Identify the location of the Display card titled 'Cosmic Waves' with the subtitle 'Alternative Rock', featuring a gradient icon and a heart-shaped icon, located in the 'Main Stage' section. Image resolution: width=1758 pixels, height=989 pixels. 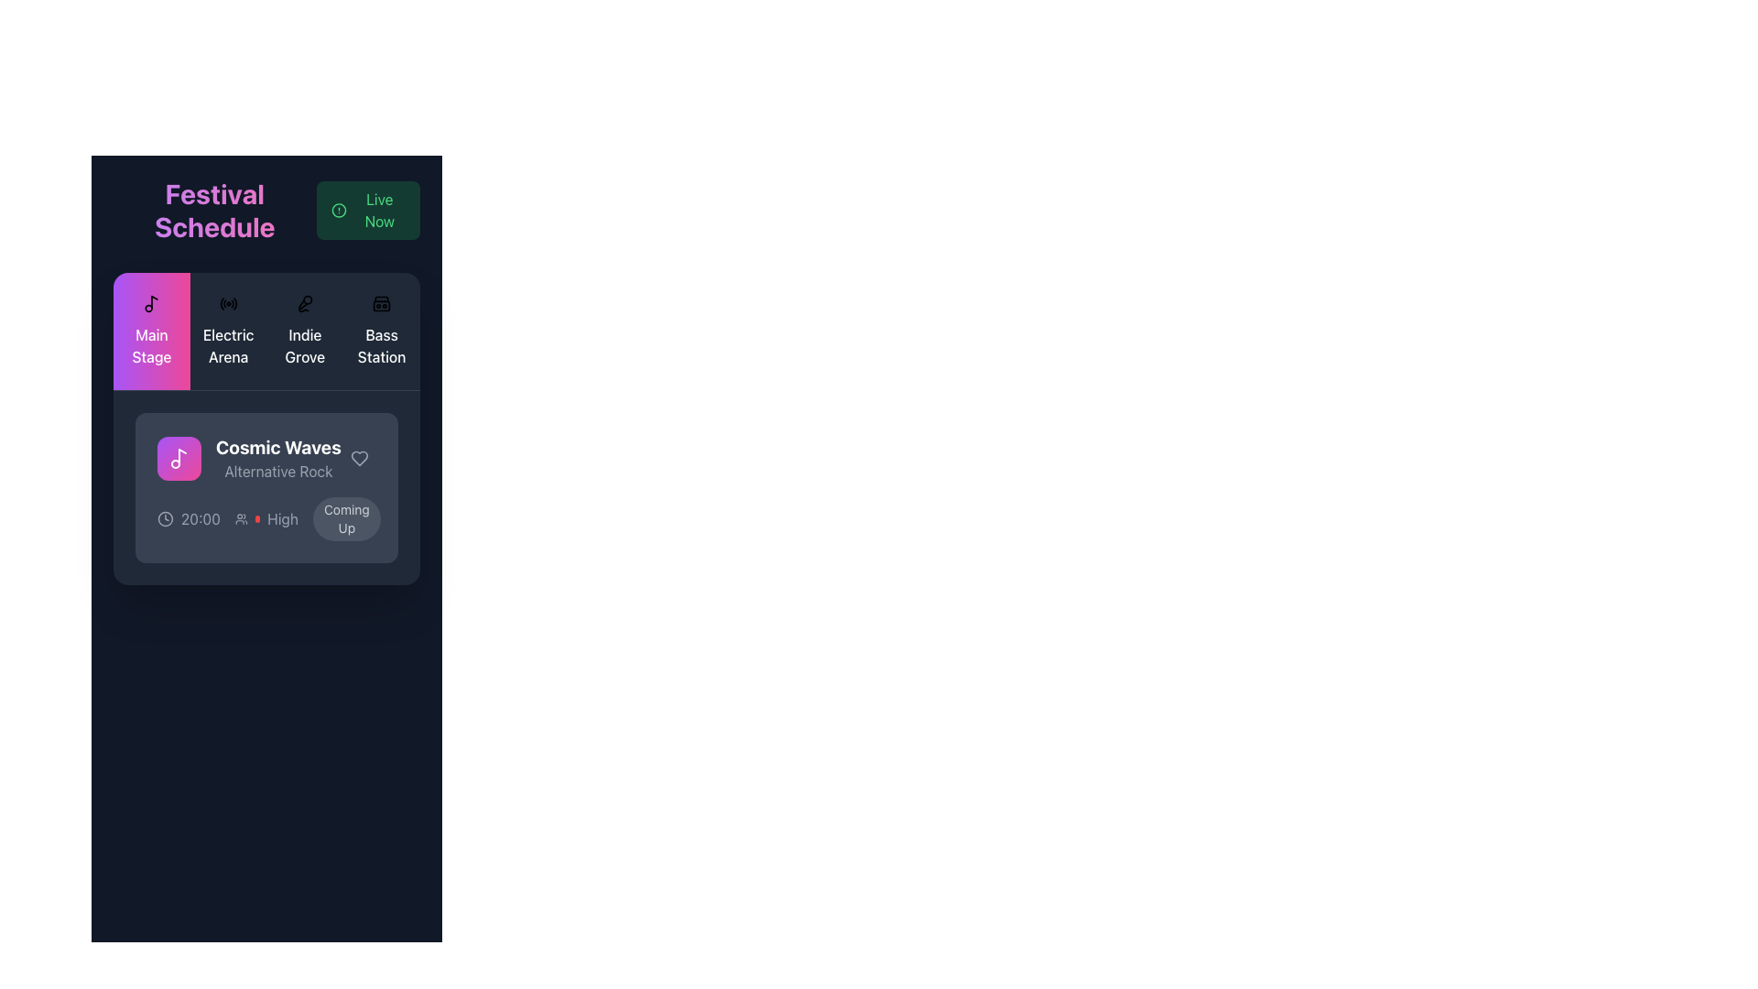
(266, 458).